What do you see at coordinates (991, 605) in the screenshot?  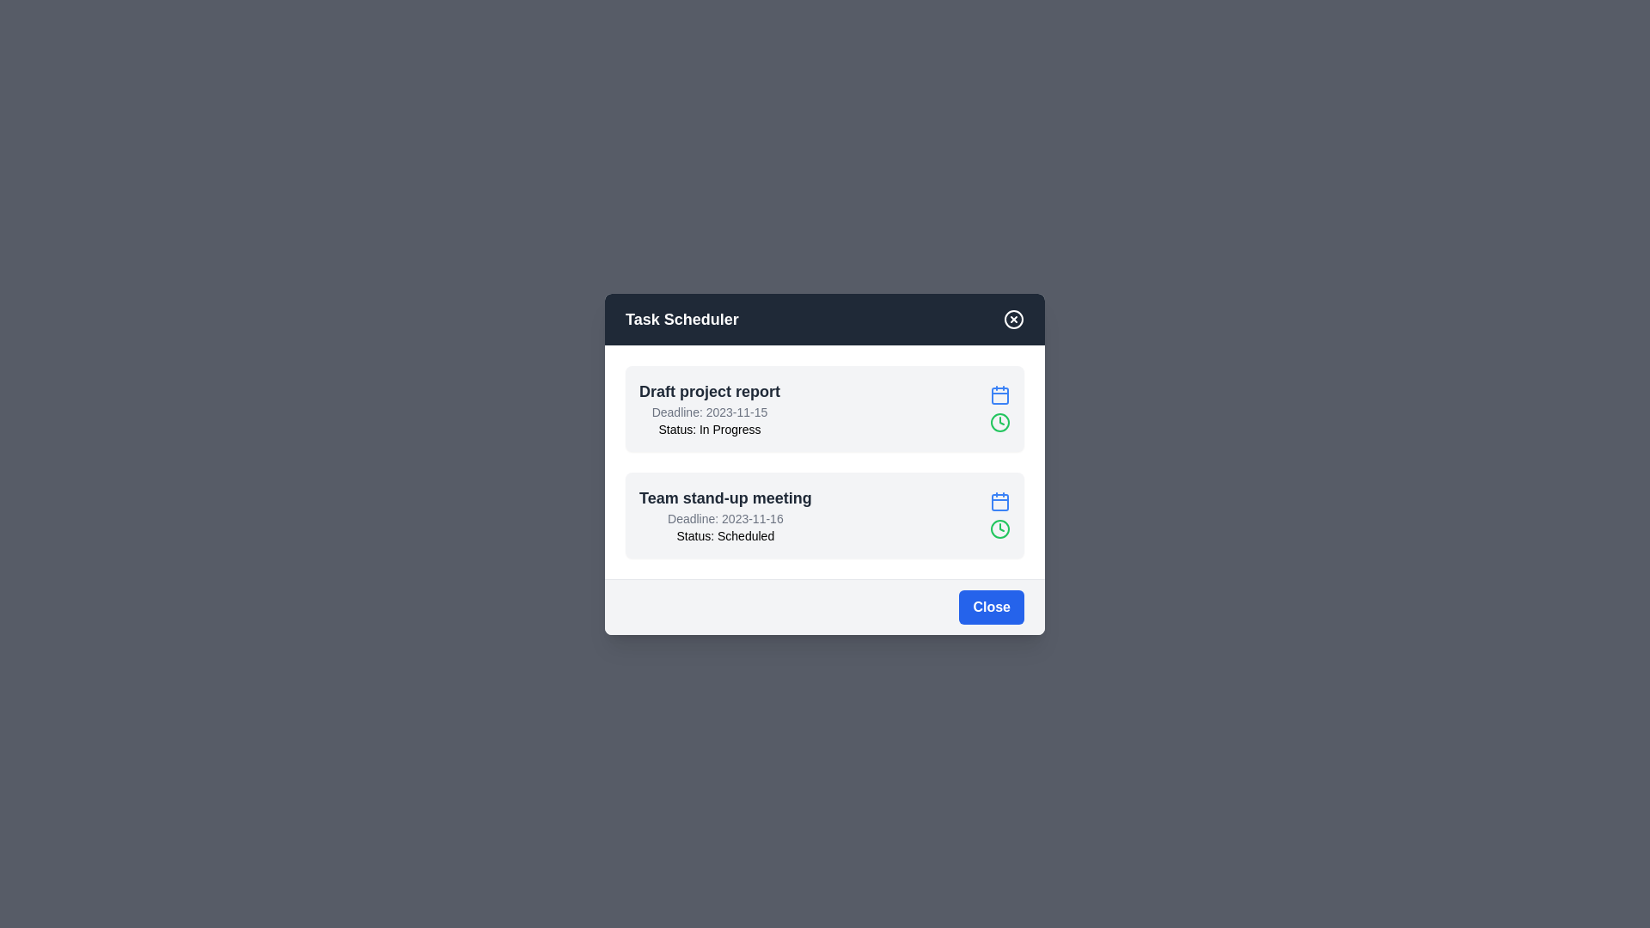 I see `the 'Close' button to close the dialog` at bounding box center [991, 605].